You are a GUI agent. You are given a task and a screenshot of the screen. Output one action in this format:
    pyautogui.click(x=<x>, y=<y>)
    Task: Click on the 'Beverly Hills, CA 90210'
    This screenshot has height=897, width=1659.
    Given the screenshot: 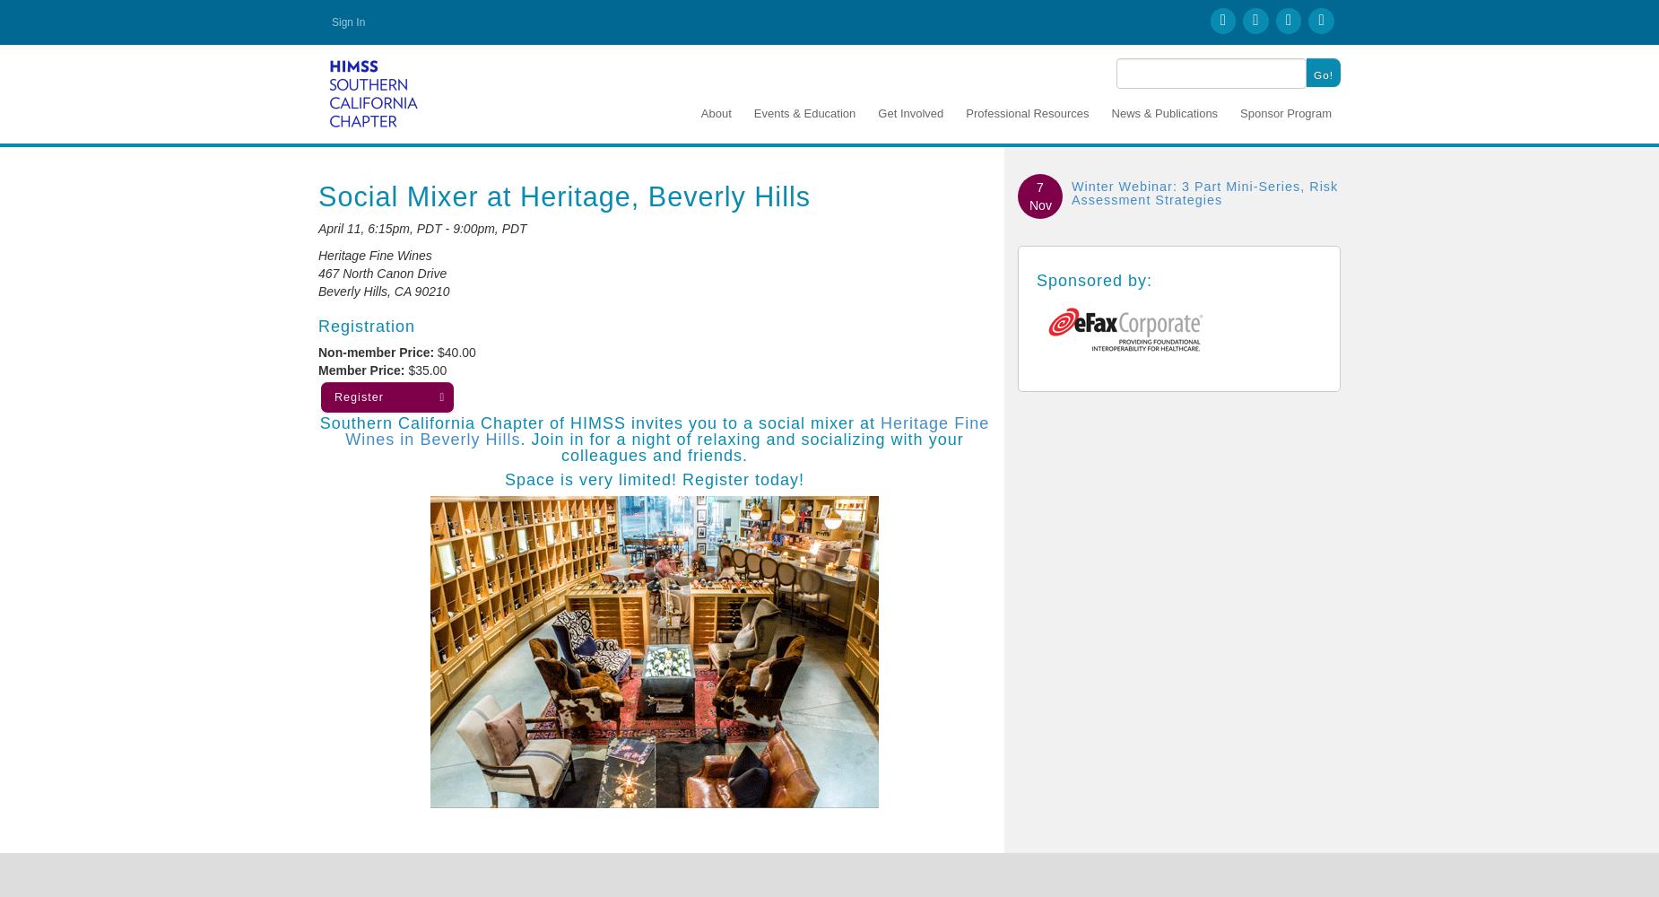 What is the action you would take?
    pyautogui.click(x=383, y=290)
    